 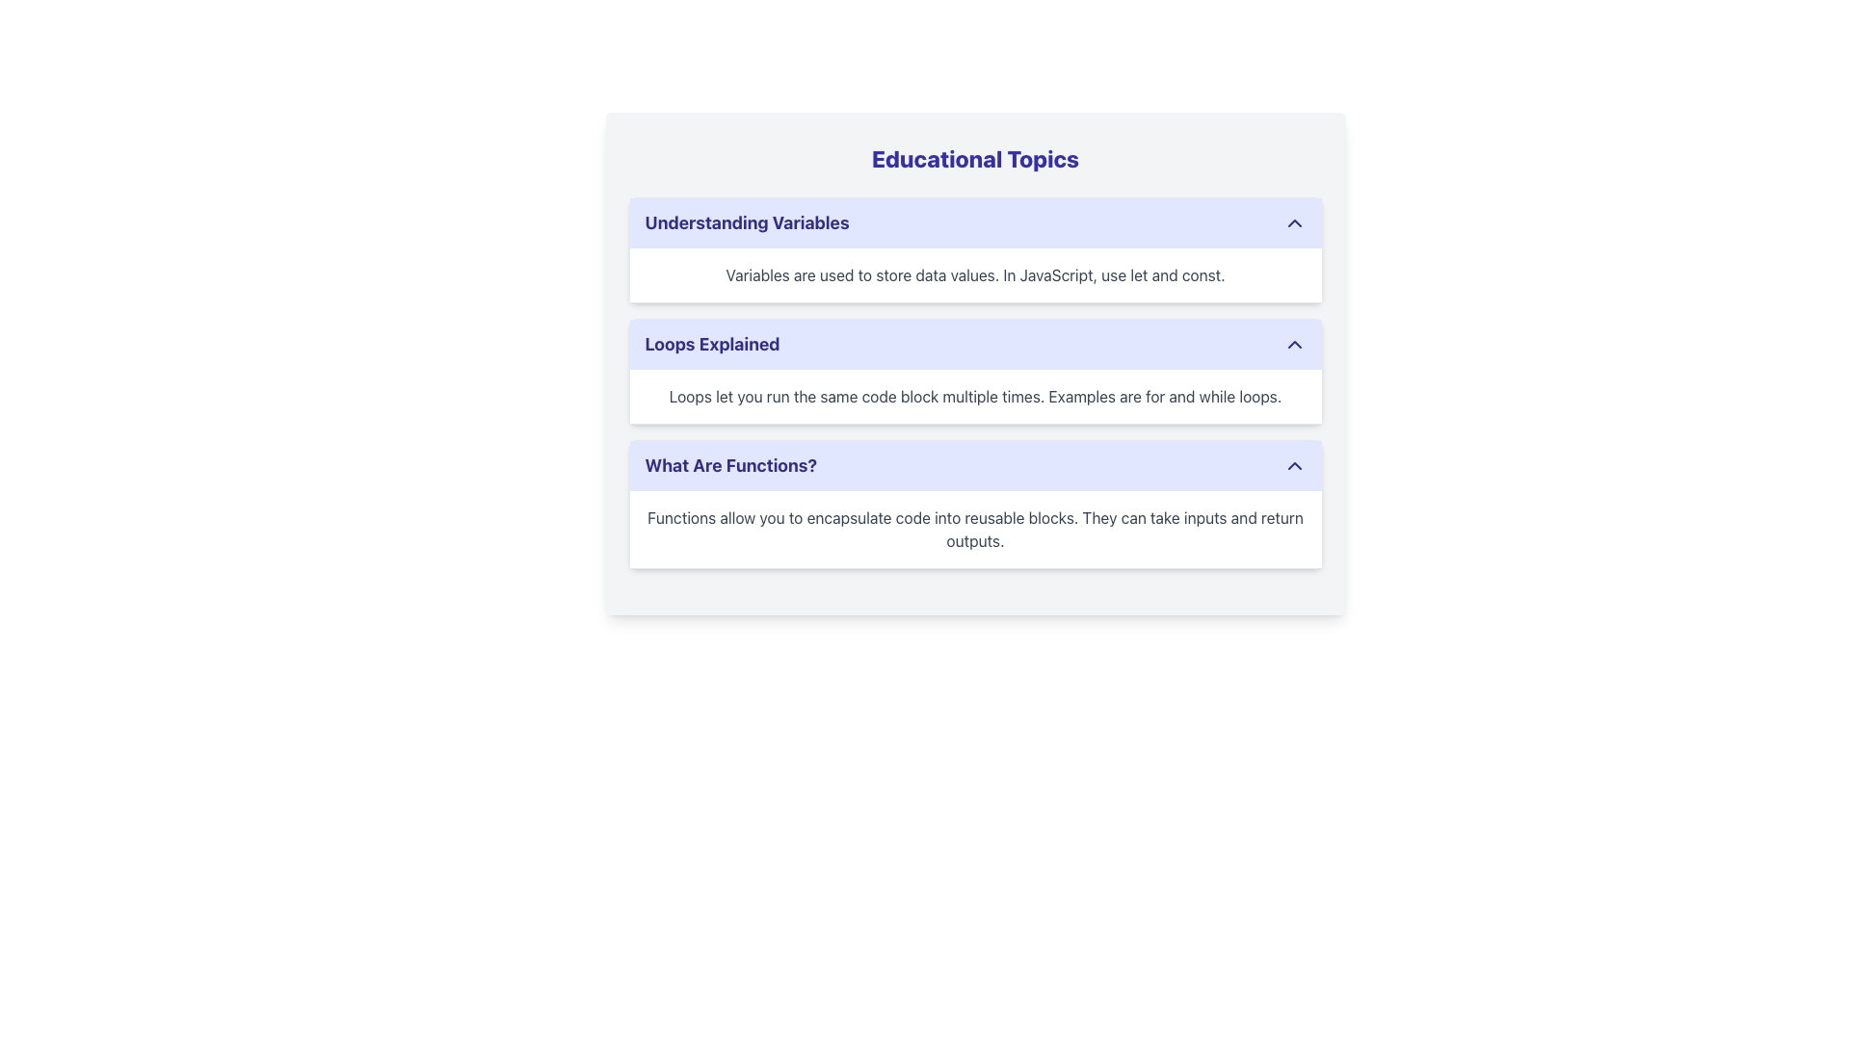 What do you see at coordinates (975, 504) in the screenshot?
I see `the title 'What Are Functions?' in the Collapsible information panel` at bounding box center [975, 504].